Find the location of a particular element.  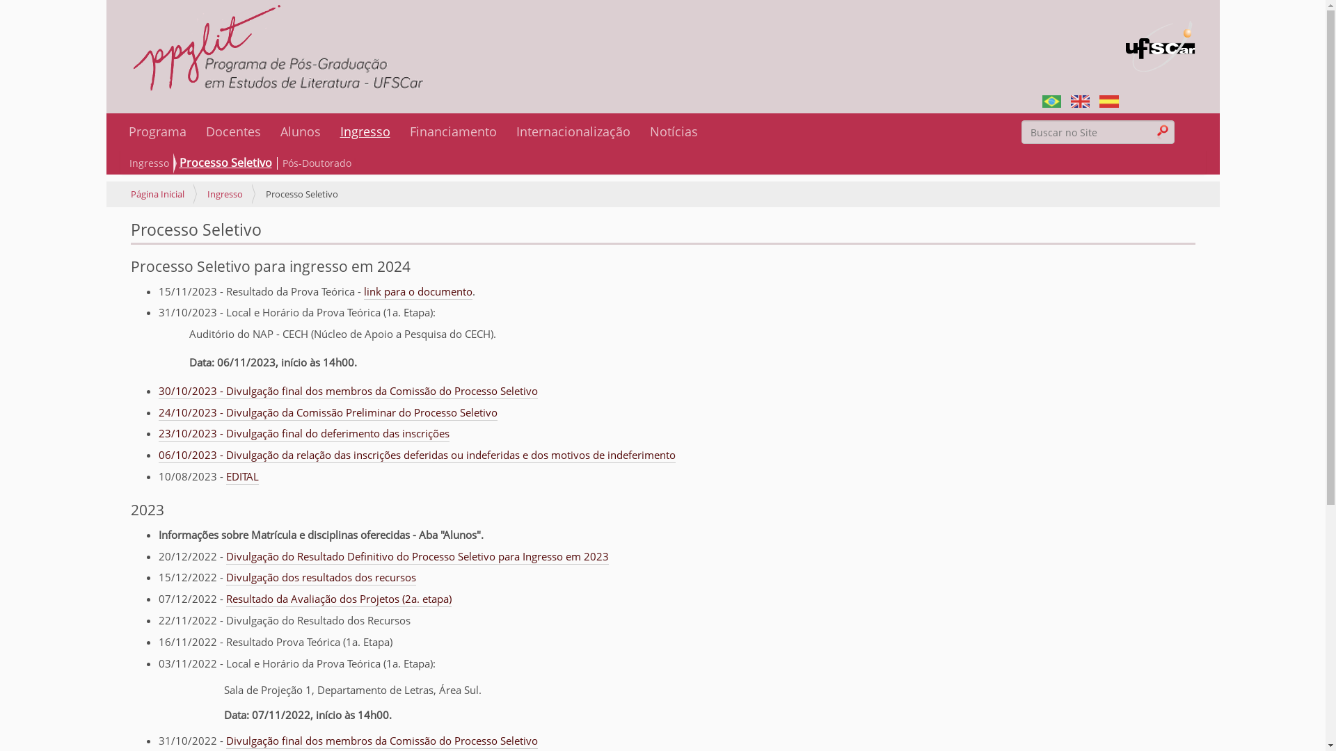

'Programa' is located at coordinates (157, 131).